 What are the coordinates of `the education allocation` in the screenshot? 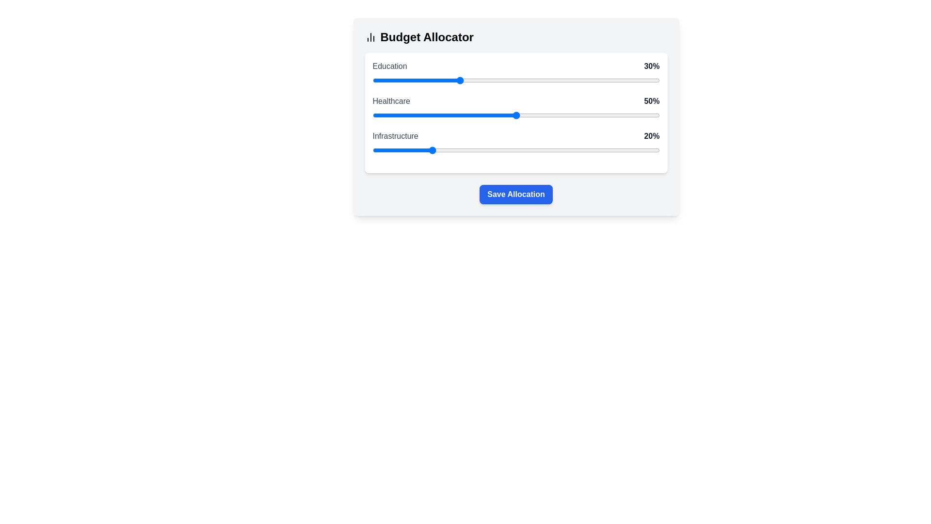 It's located at (449, 80).